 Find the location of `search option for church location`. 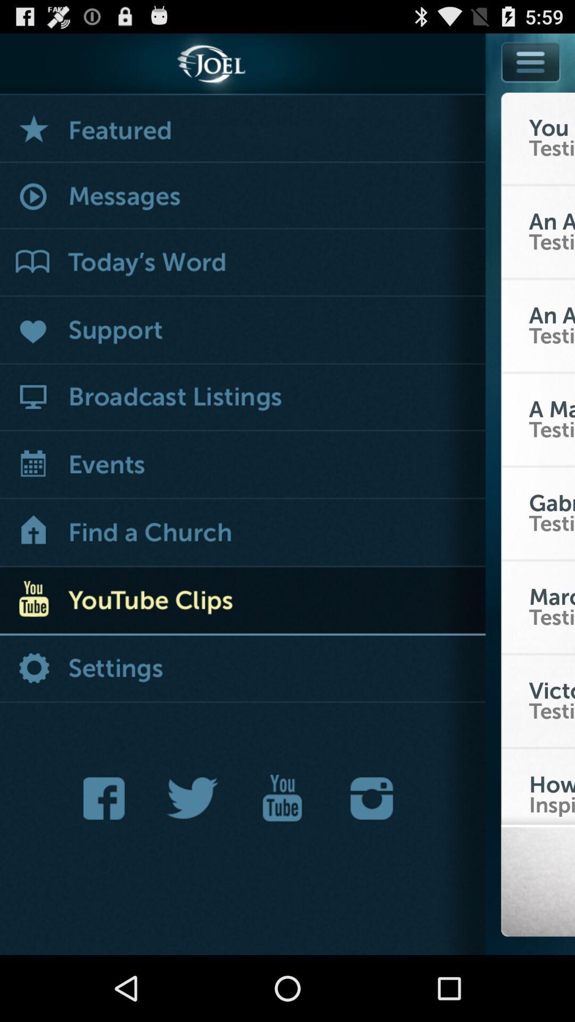

search option for church location is located at coordinates (242, 533).